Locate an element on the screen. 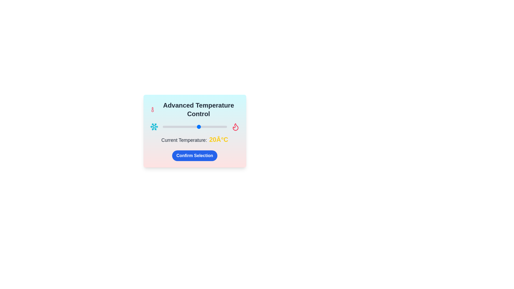 This screenshot has height=289, width=514. the flame icon to provide feedback is located at coordinates (235, 127).